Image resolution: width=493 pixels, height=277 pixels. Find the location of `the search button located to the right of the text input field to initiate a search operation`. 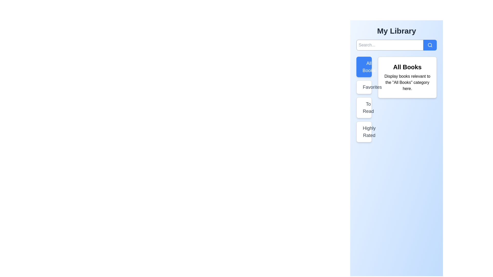

the search button located to the right of the text input field to initiate a search operation is located at coordinates (430, 45).